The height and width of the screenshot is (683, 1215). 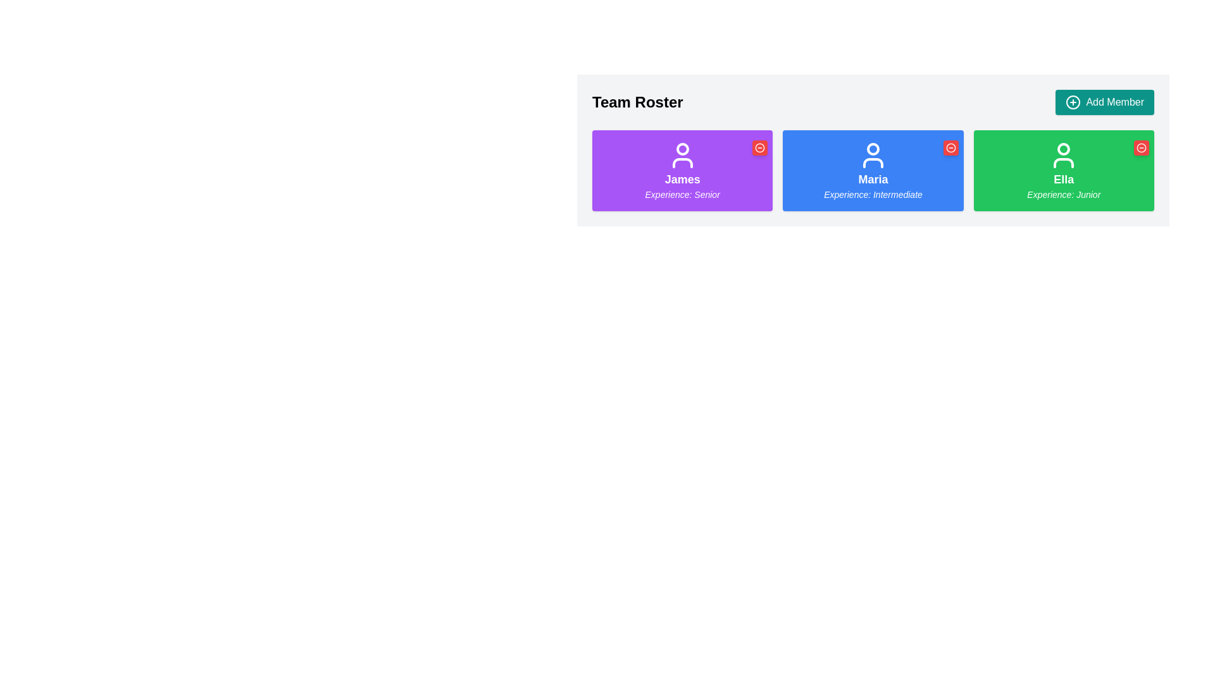 What do you see at coordinates (950, 147) in the screenshot?
I see `the circular red minus button located at the upper-right corner of the 'Maria' team member card to trigger a tooltip` at bounding box center [950, 147].